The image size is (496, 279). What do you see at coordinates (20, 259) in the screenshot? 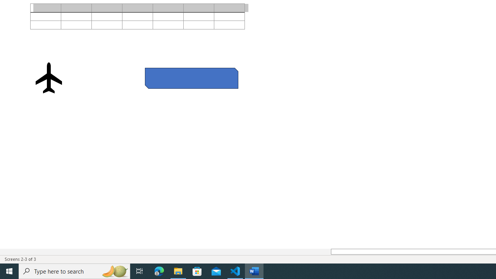
I see `'Page Number Screens 2-3 of 3 '` at bounding box center [20, 259].